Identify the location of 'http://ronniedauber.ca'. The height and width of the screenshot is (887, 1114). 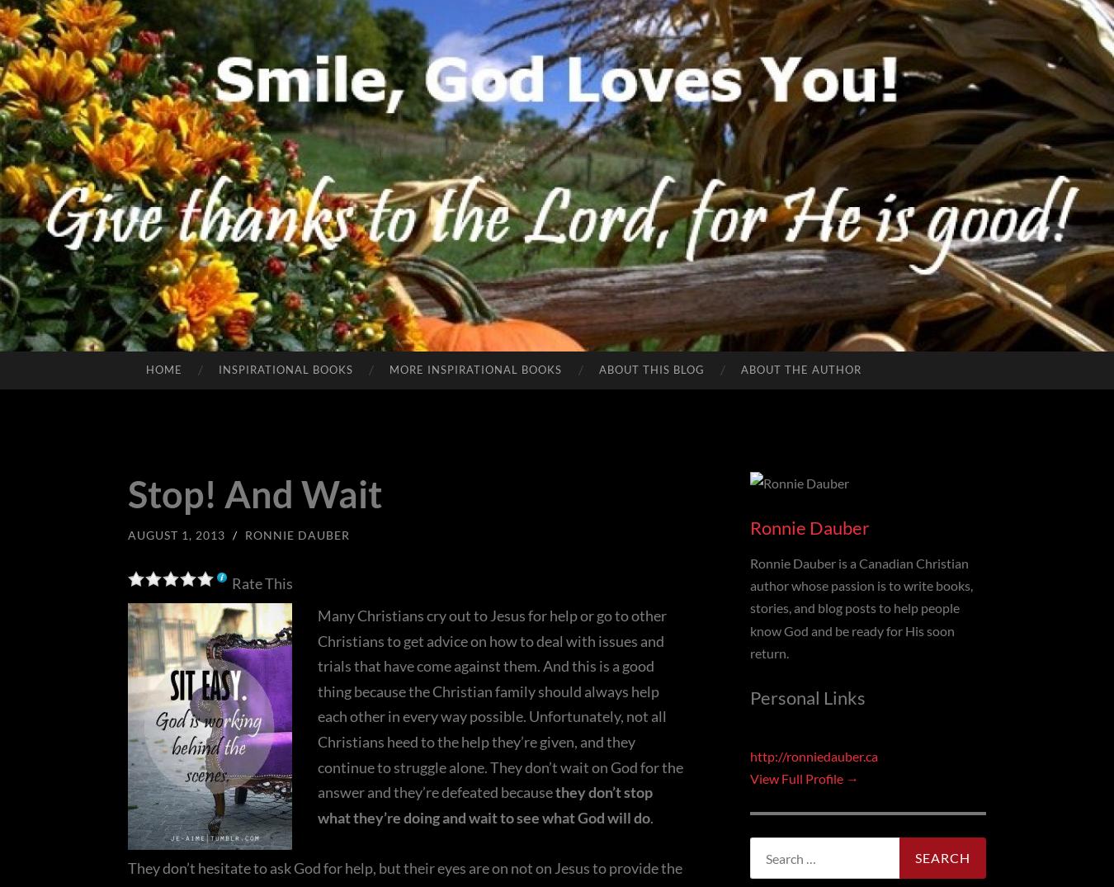
(813, 754).